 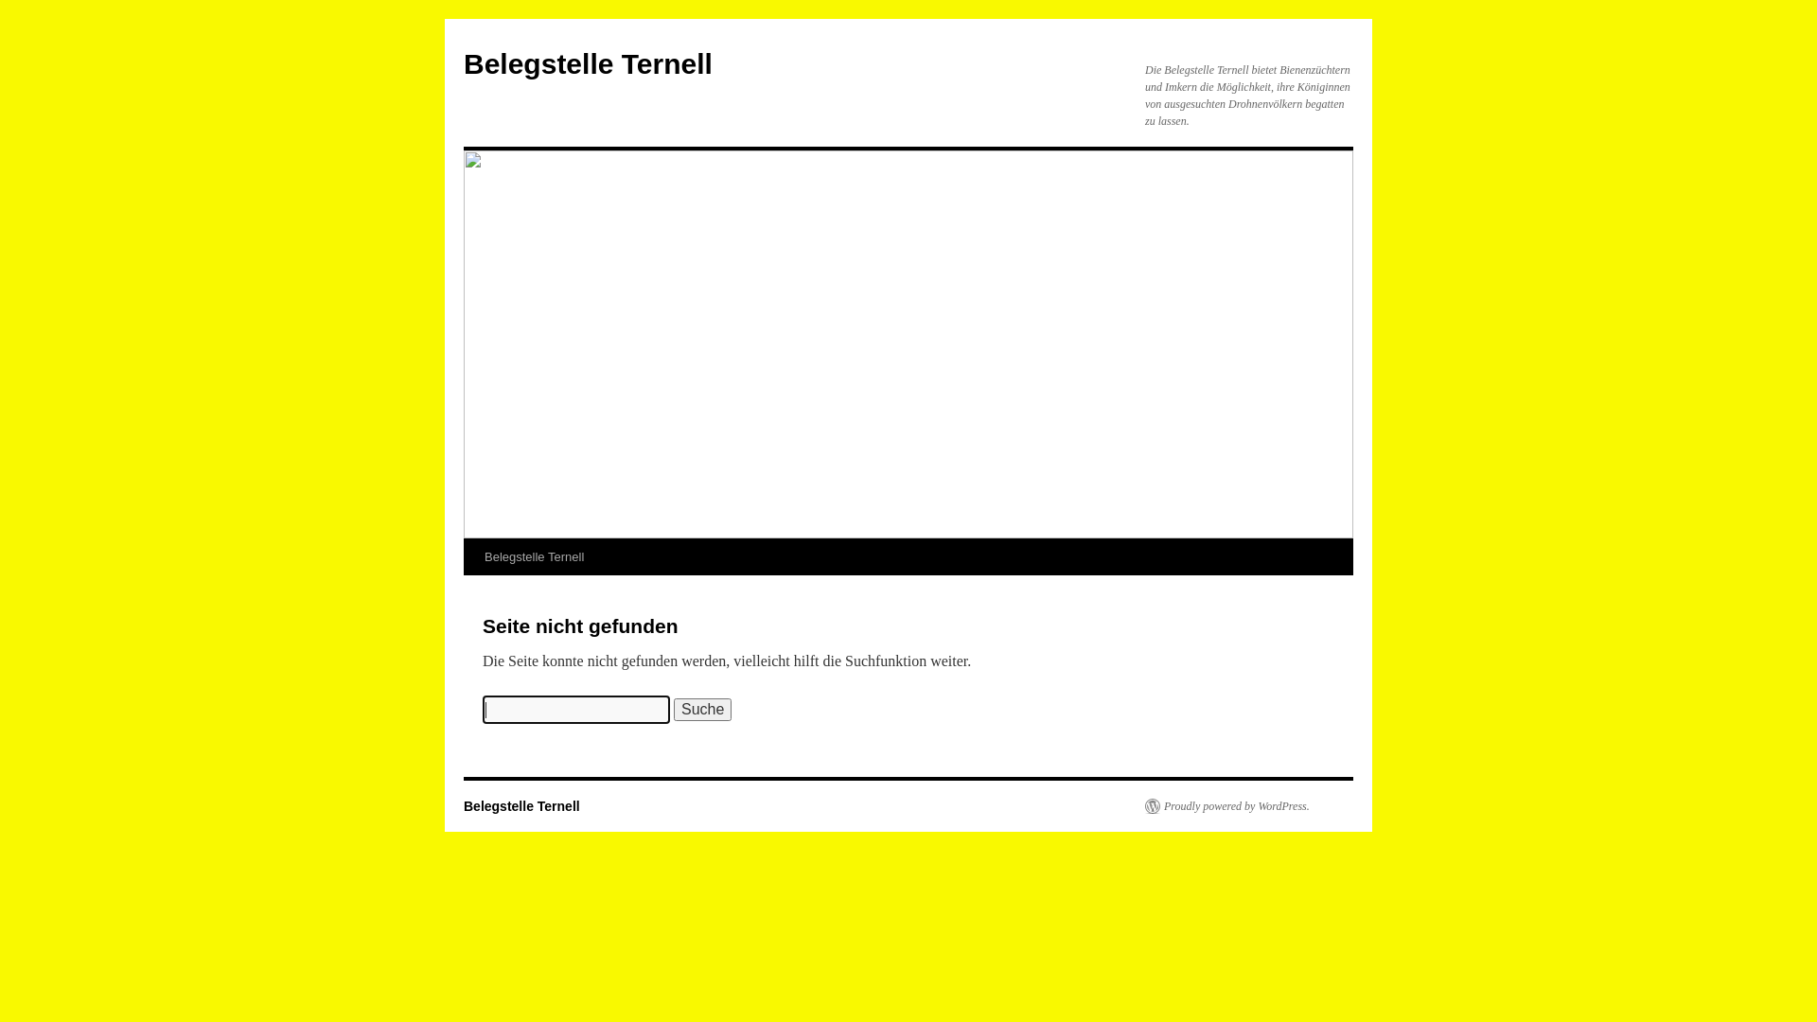 What do you see at coordinates (1226, 806) in the screenshot?
I see `'Proudly powered by WordPress.'` at bounding box center [1226, 806].